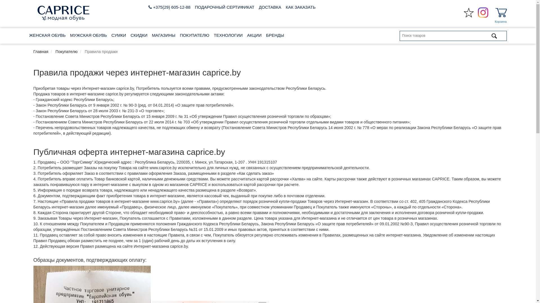  I want to click on '+375(29) 605-12-88', so click(148, 7).